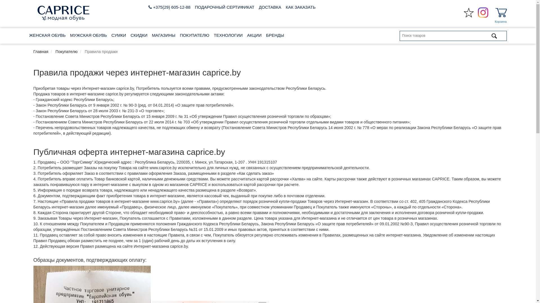  I want to click on '+375(29) 605-12-88', so click(148, 7).